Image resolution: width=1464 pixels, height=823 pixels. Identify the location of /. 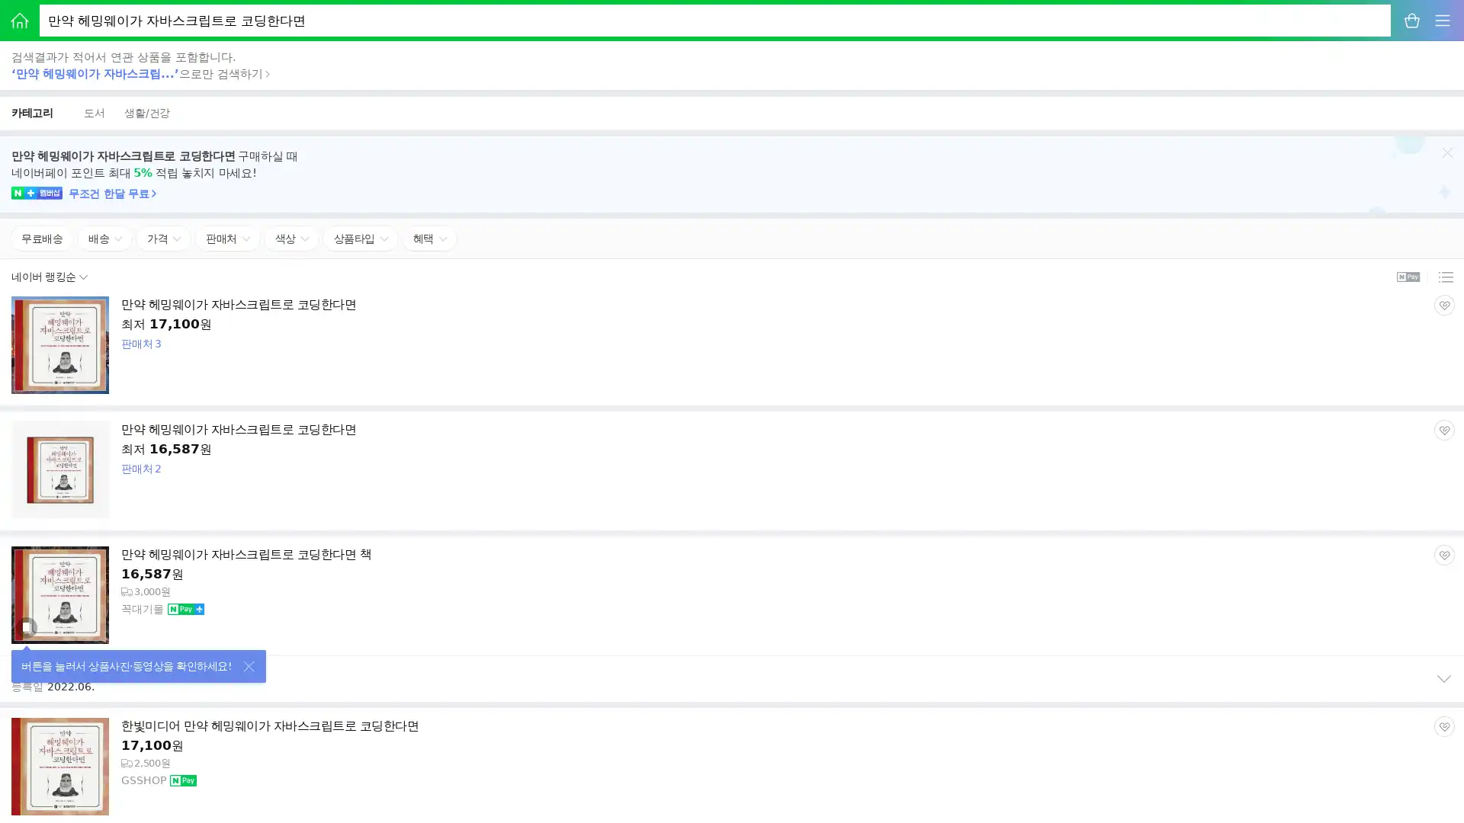
(146, 112).